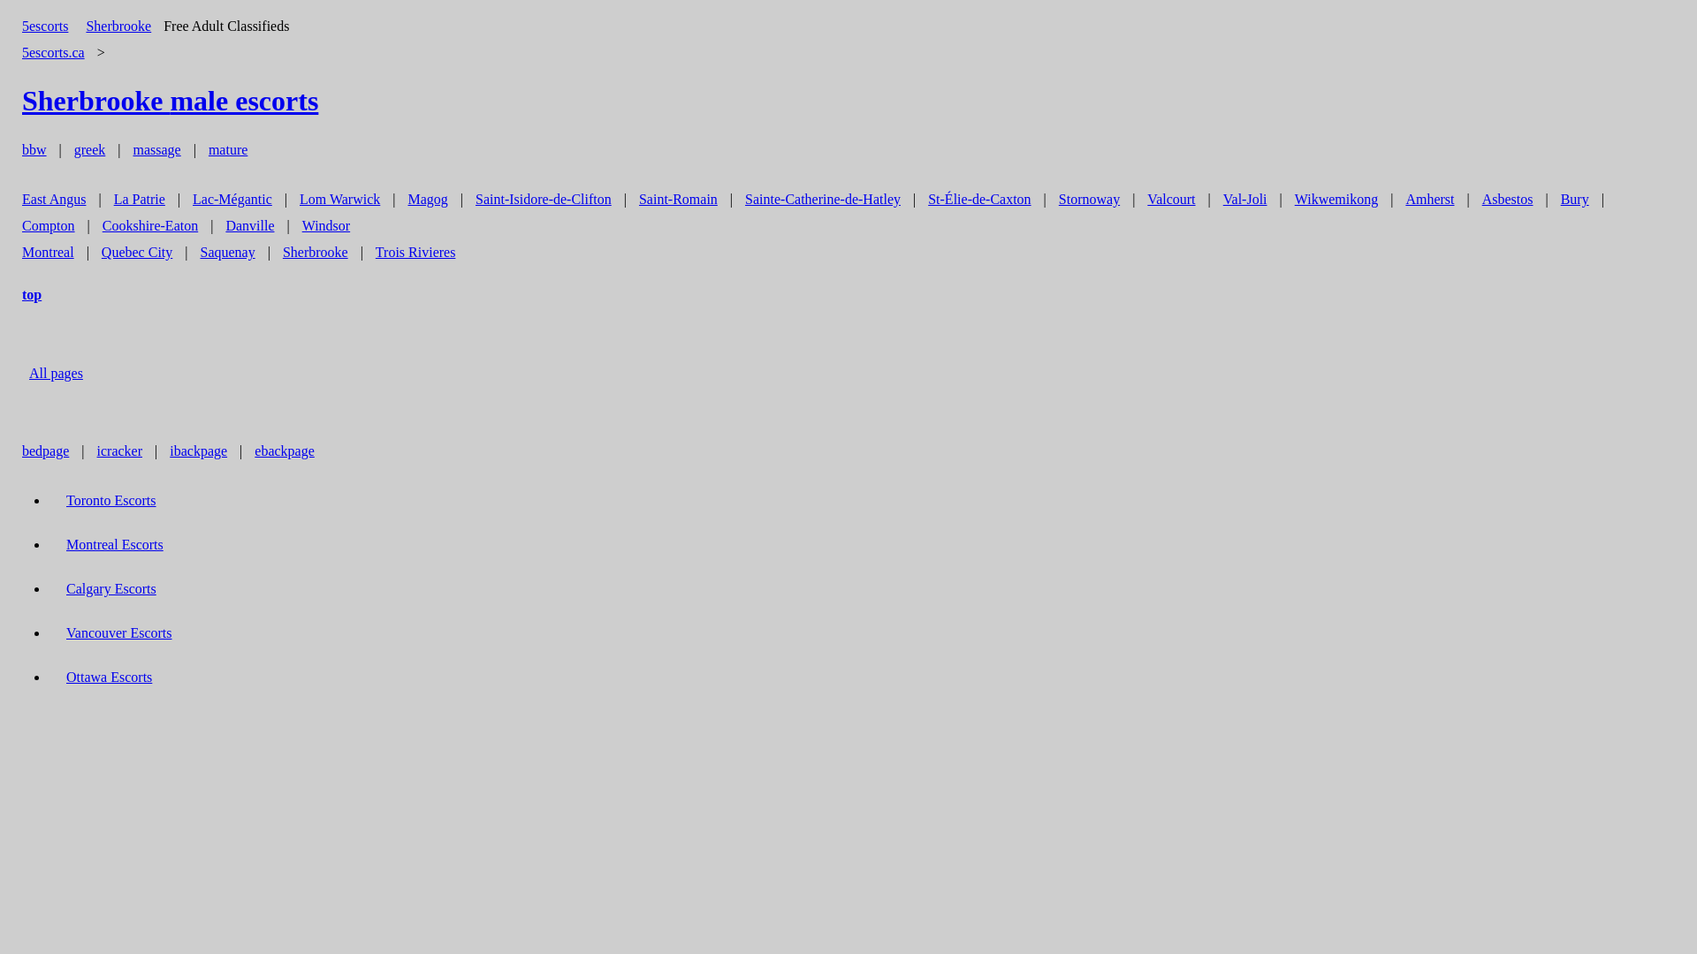 This screenshot has width=1697, height=954. Describe the element at coordinates (57, 543) in the screenshot. I see `'Montreal Escorts'` at that location.